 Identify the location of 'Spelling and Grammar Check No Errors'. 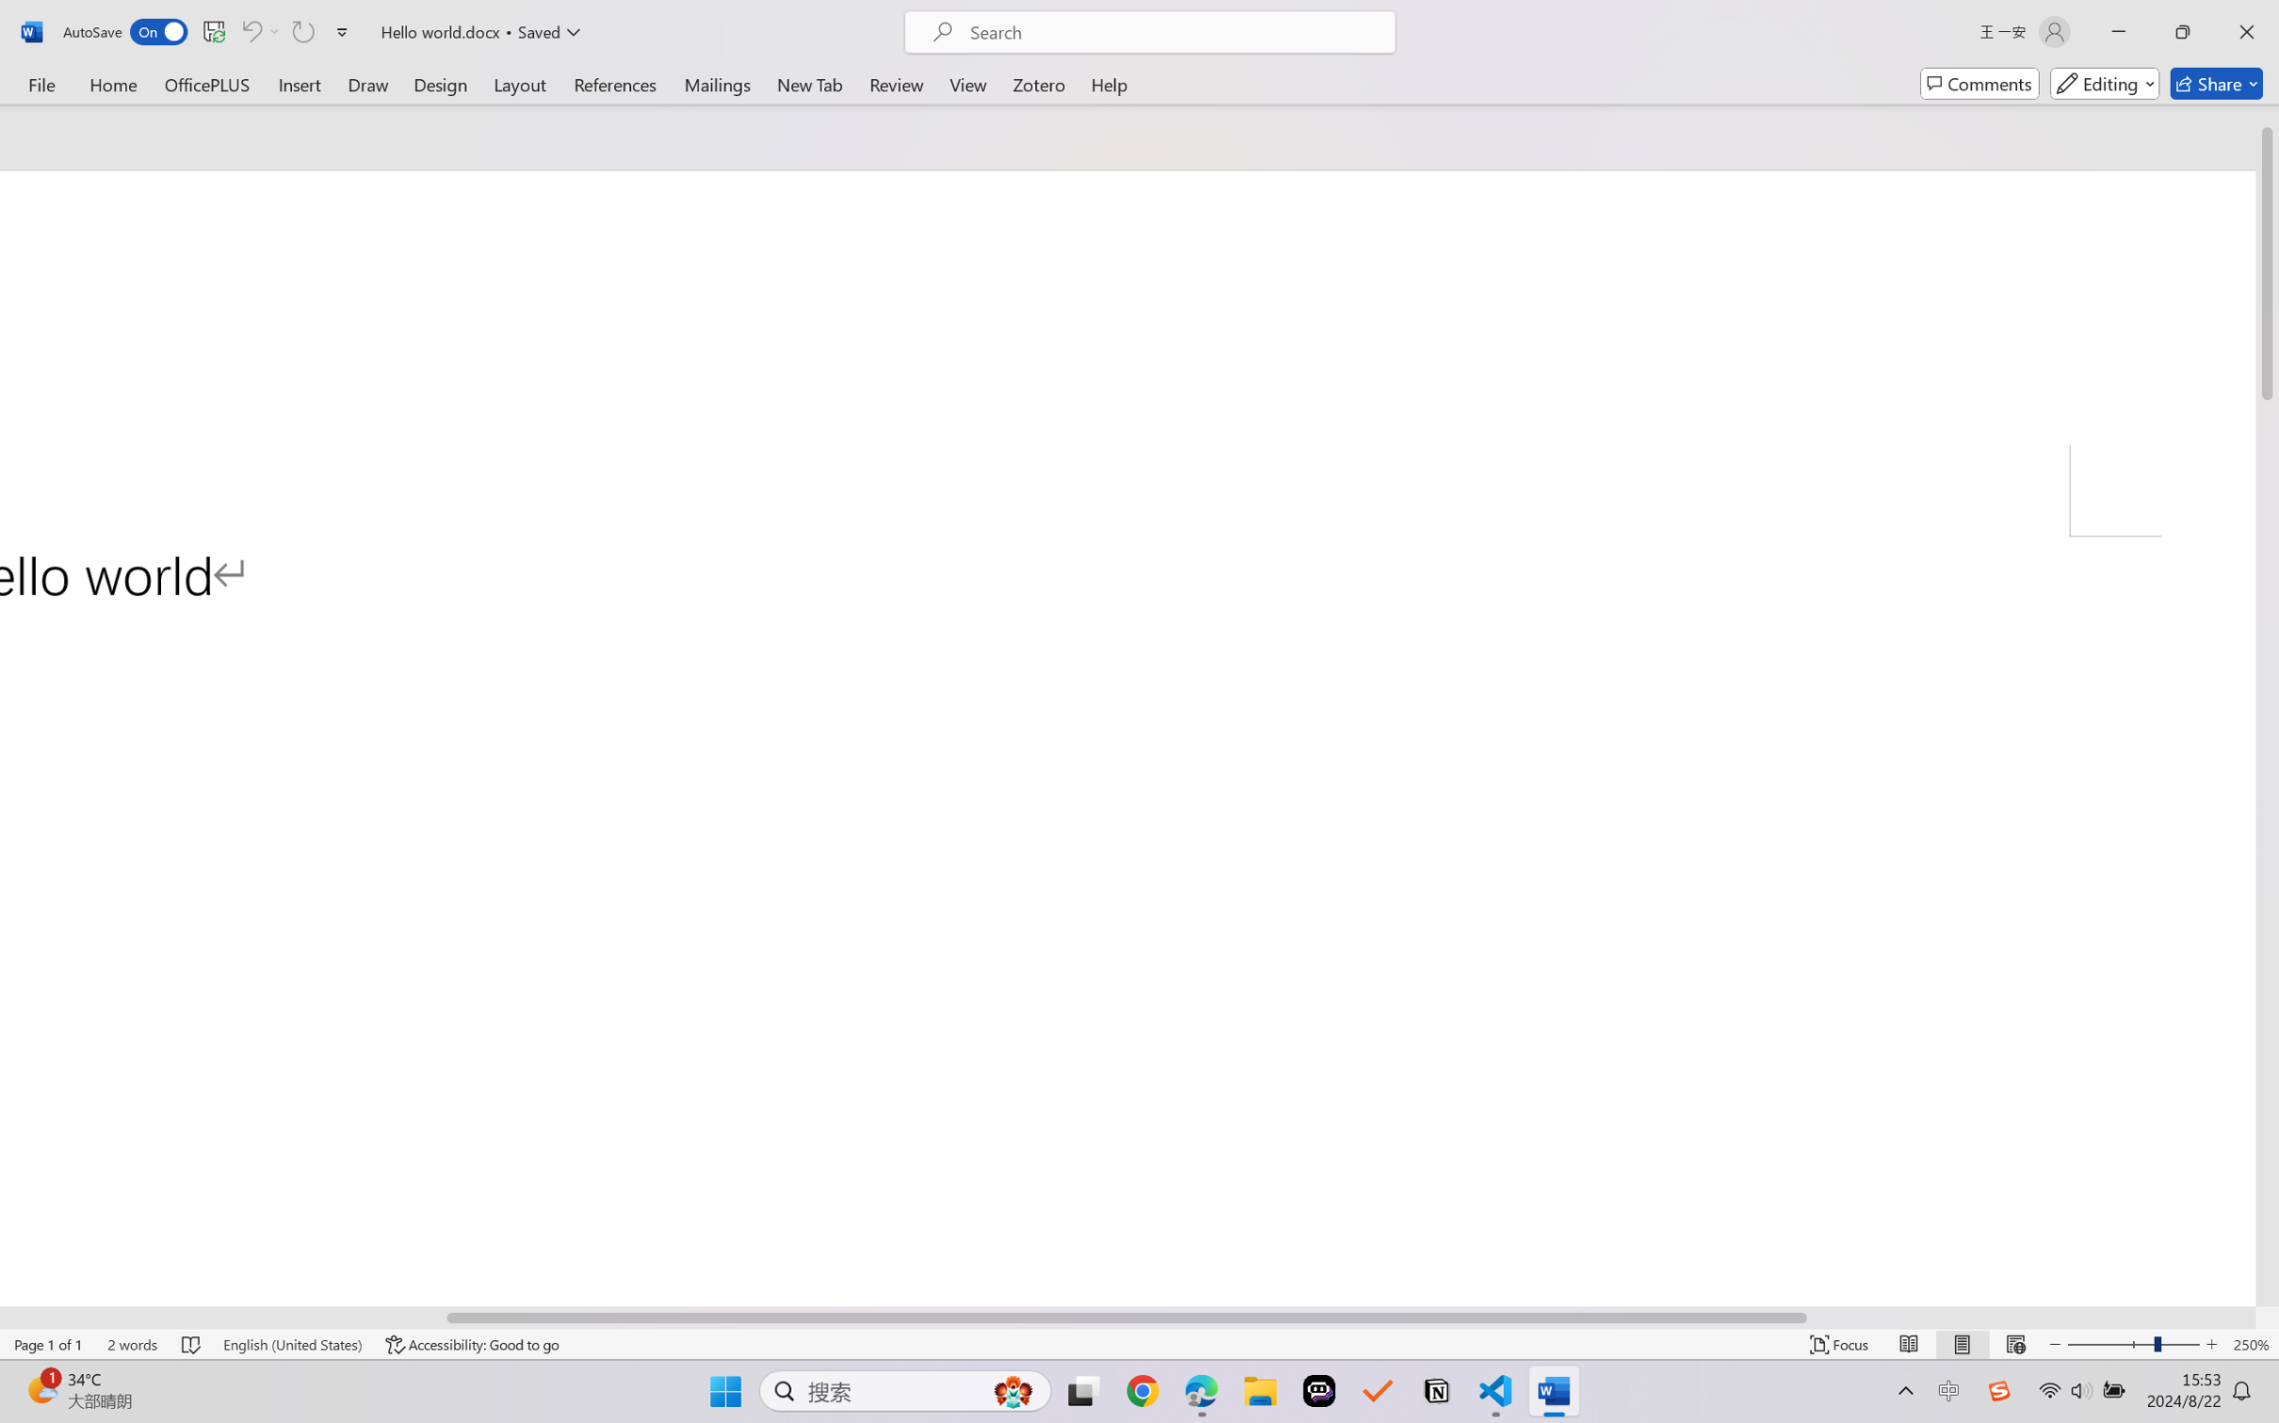
(191, 1344).